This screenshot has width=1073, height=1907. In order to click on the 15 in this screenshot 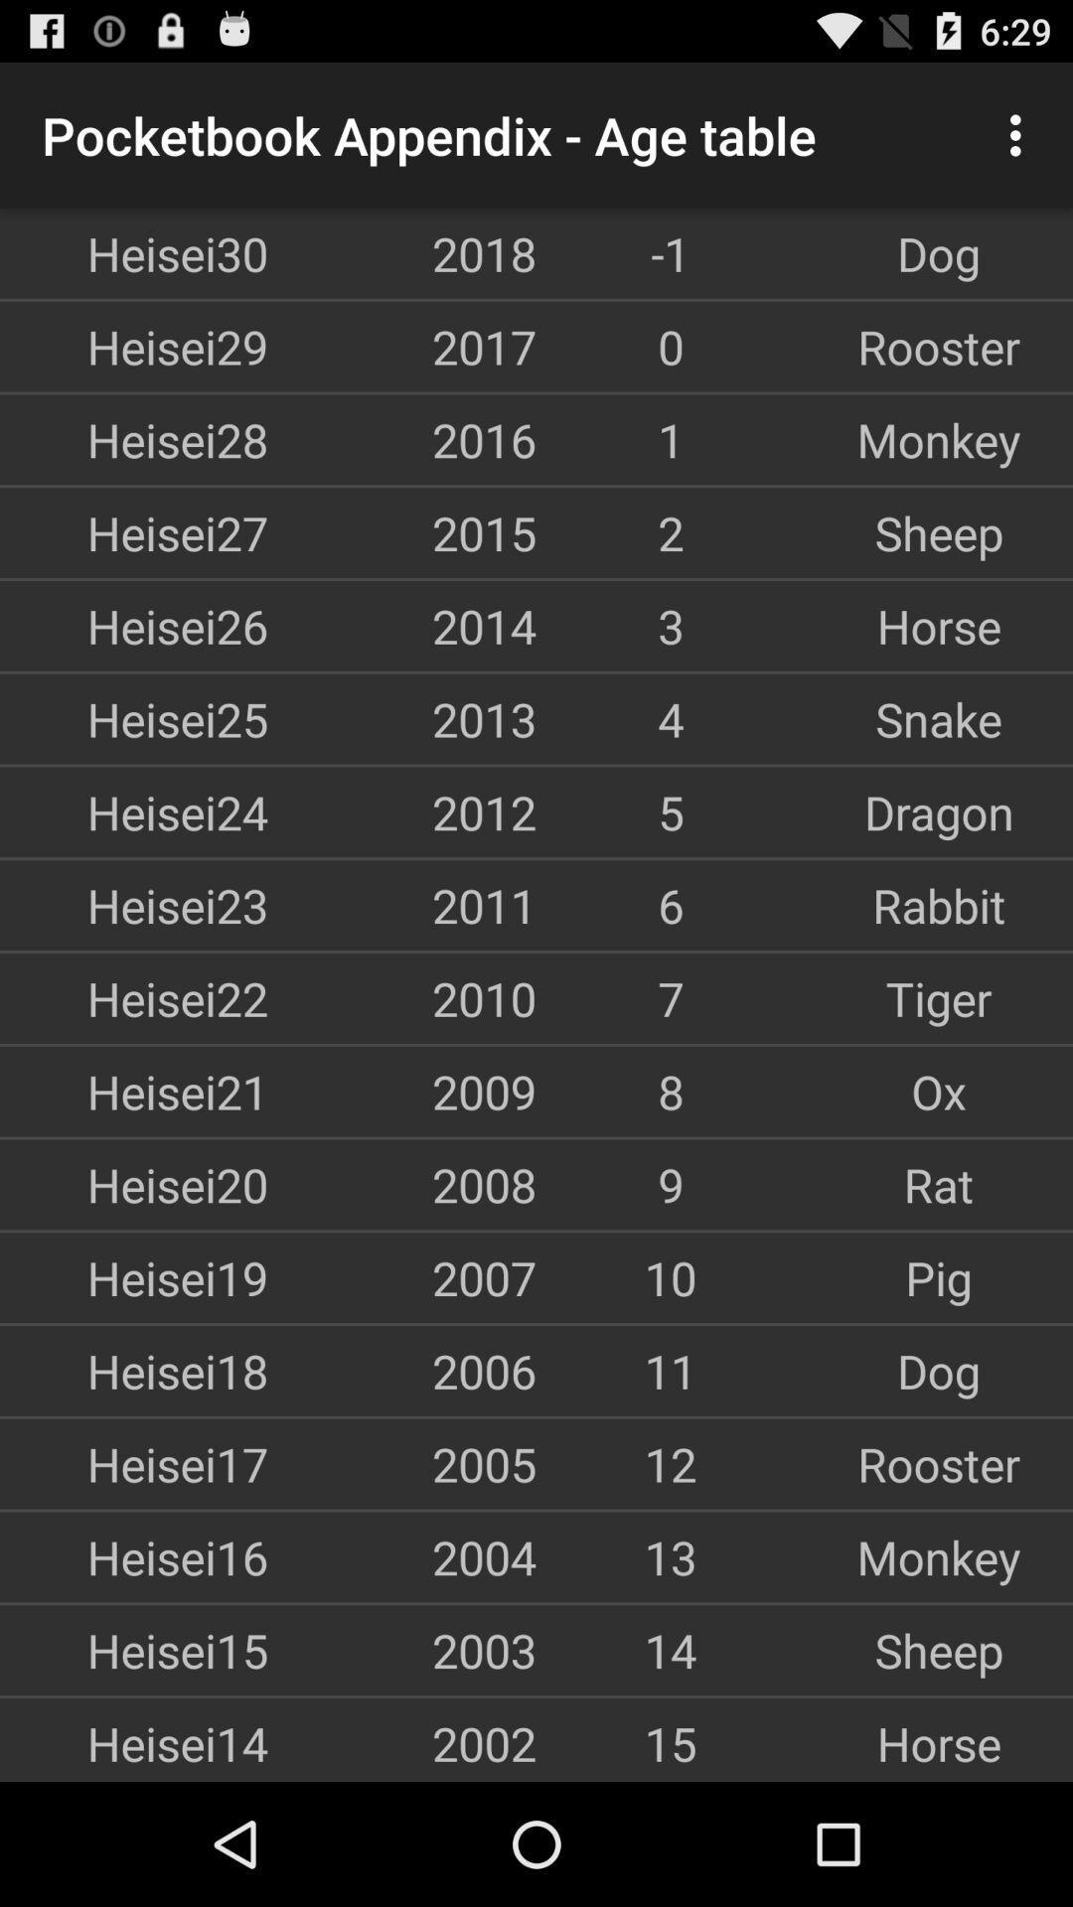, I will do `click(671, 1742)`.